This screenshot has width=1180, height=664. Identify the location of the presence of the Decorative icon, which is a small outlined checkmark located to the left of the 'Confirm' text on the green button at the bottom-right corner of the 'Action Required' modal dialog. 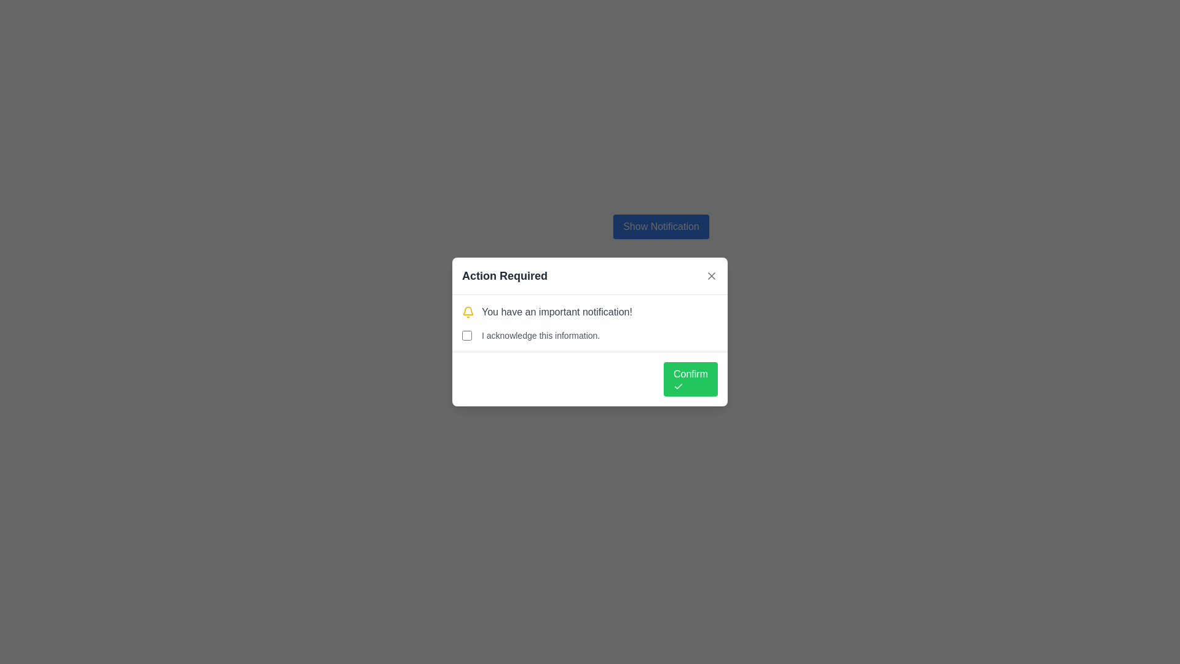
(678, 385).